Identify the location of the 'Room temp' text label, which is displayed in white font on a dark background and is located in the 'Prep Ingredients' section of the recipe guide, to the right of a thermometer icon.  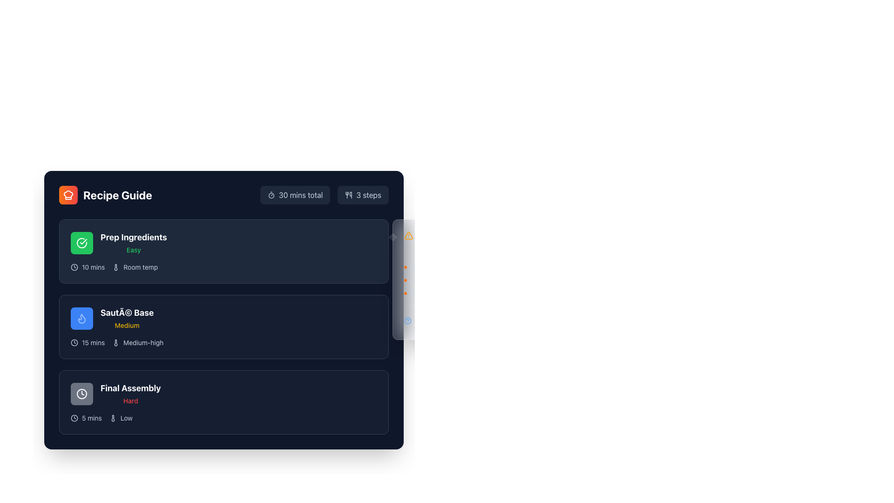
(140, 267).